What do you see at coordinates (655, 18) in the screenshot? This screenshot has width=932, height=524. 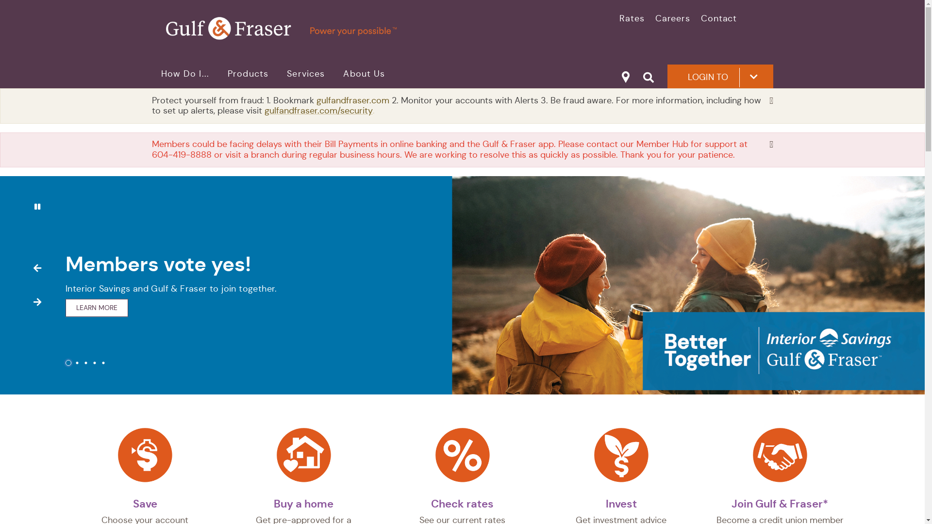 I see `'Careers'` at bounding box center [655, 18].